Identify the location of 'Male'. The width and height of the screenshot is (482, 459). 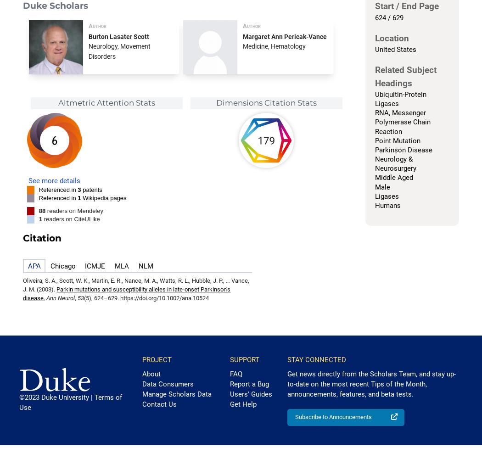
(374, 187).